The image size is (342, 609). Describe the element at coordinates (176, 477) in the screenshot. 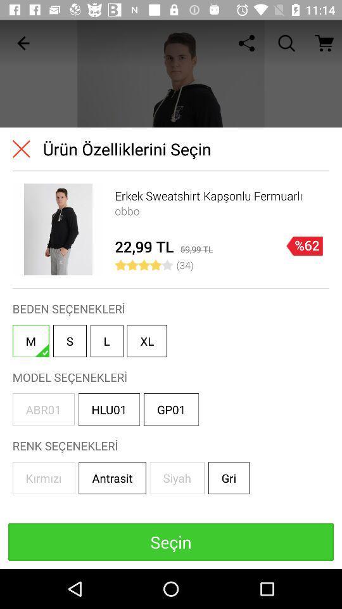

I see `the box that reads siyah` at that location.